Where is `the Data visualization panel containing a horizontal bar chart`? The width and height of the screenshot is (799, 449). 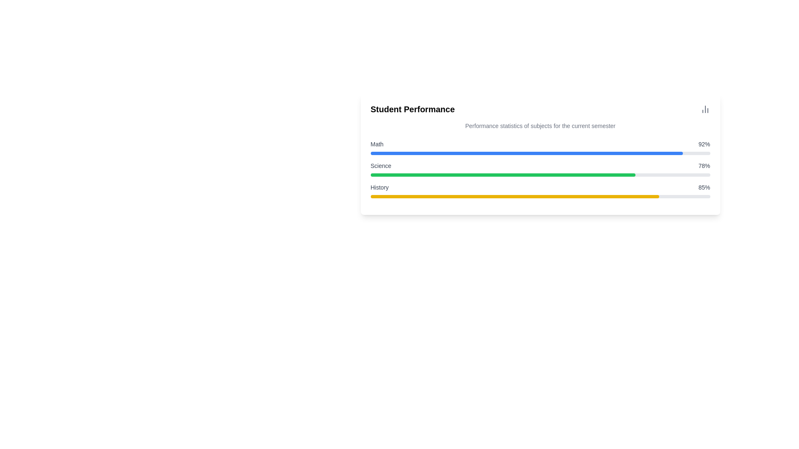 the Data visualization panel containing a horizontal bar chart is located at coordinates (540, 154).